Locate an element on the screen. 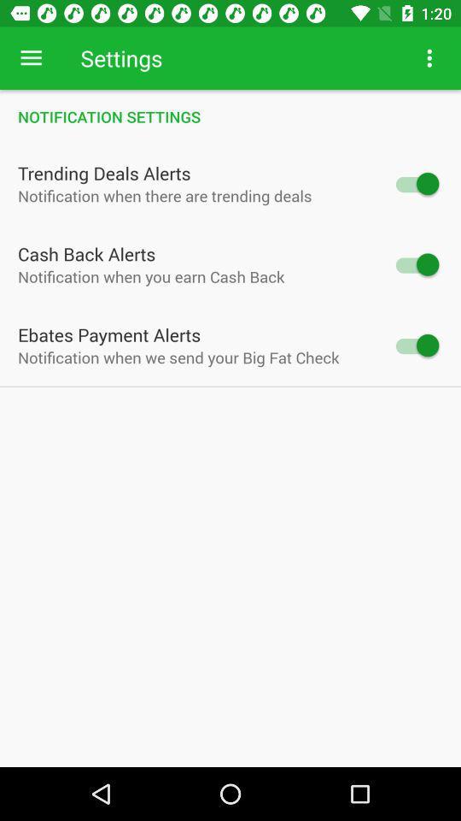 This screenshot has width=461, height=821. item above the notification settings item is located at coordinates (31, 58).